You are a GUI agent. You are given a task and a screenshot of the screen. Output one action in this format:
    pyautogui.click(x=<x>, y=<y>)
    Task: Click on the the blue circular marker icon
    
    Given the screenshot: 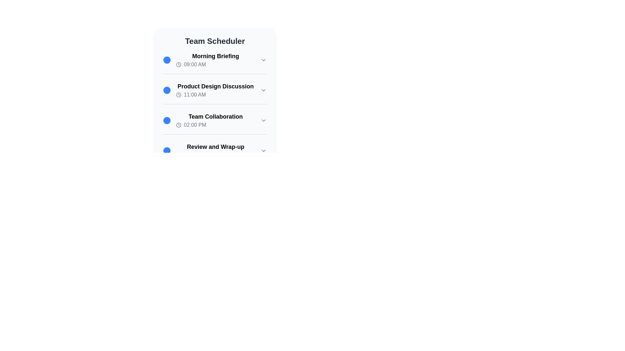 What is the action you would take?
    pyautogui.click(x=167, y=60)
    